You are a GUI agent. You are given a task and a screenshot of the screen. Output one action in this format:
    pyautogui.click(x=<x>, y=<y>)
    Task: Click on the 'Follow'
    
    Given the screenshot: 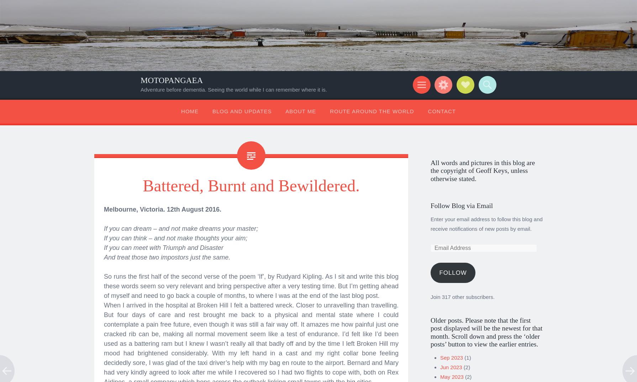 What is the action you would take?
    pyautogui.click(x=453, y=269)
    